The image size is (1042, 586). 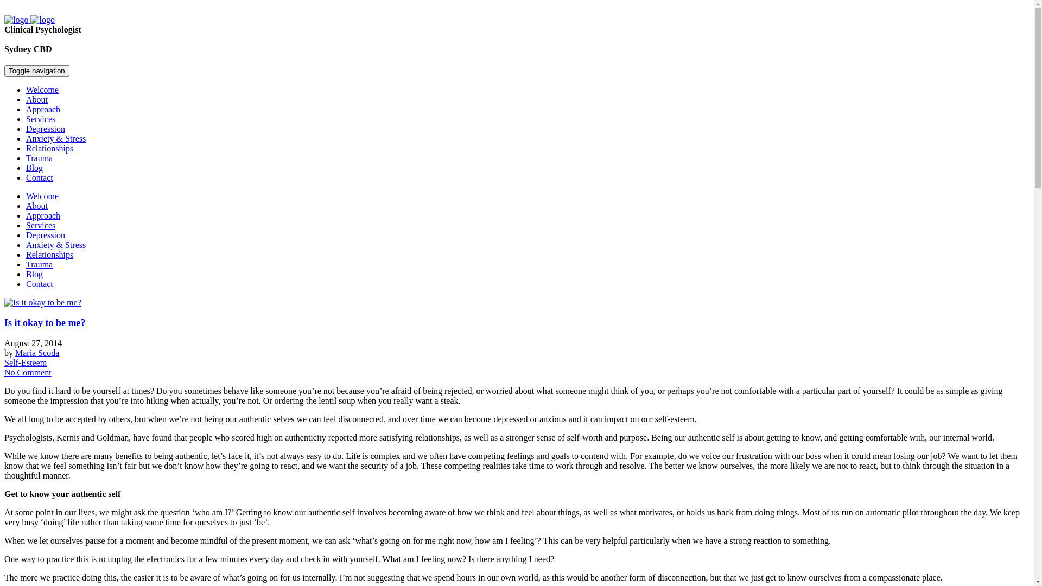 What do you see at coordinates (26, 362) in the screenshot?
I see `'Self-Esteem'` at bounding box center [26, 362].